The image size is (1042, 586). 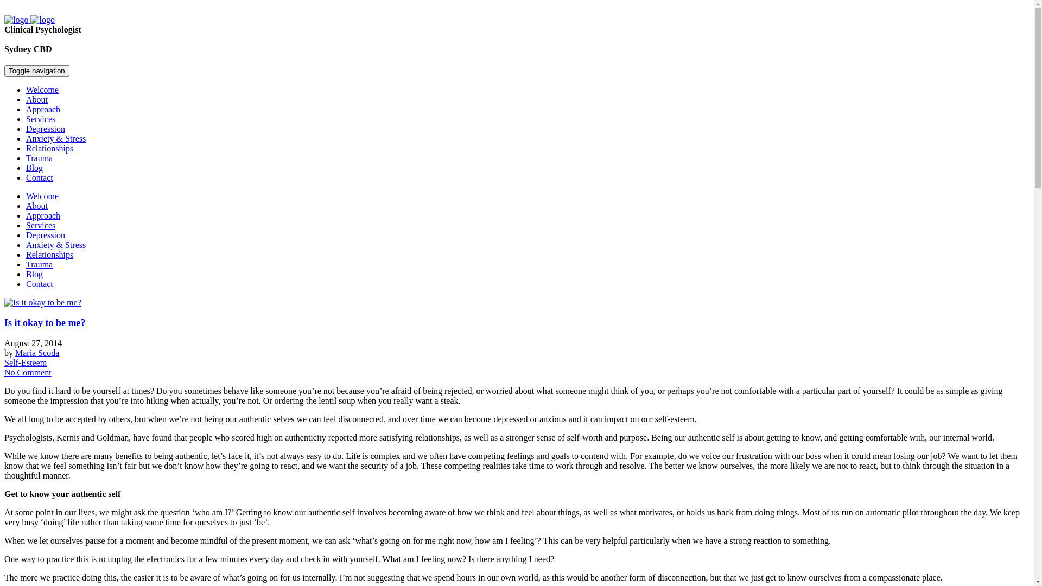 What do you see at coordinates (26, 362) in the screenshot?
I see `'Self-Esteem'` at bounding box center [26, 362].